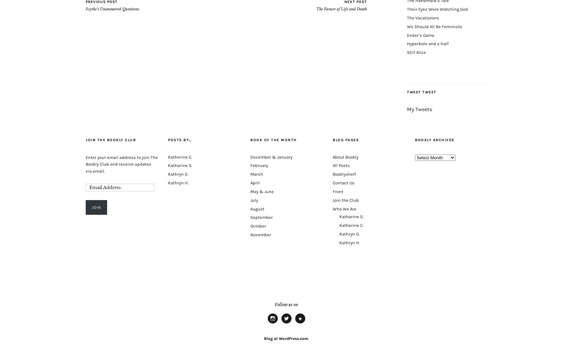 Image resolution: width=573 pixels, height=361 pixels. What do you see at coordinates (121, 164) in the screenshot?
I see `'Enter your email address to join The Bookly Club and receive updates via email.'` at bounding box center [121, 164].